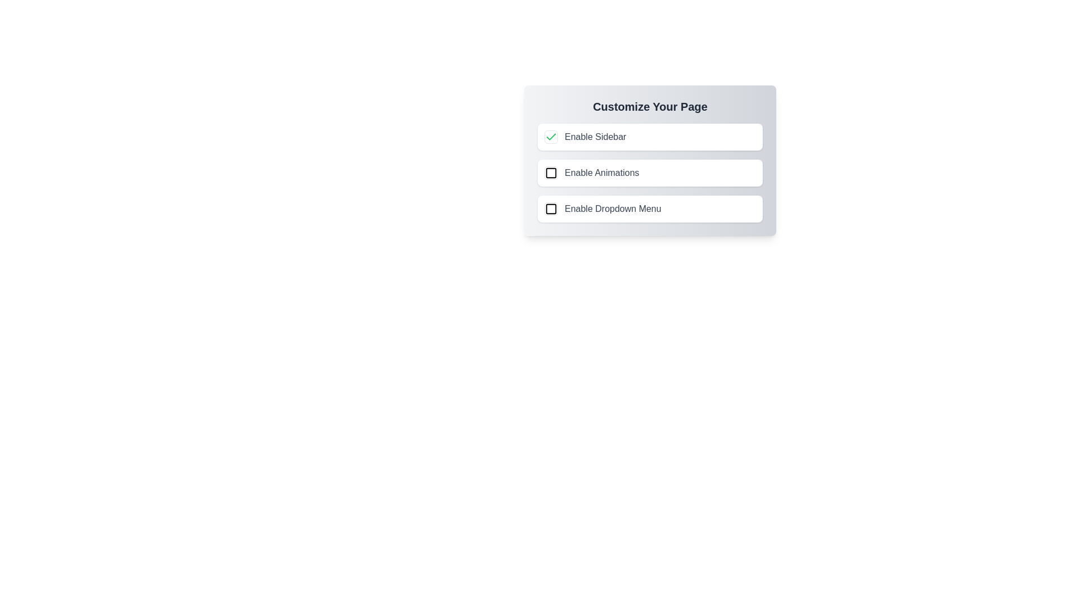 Image resolution: width=1080 pixels, height=607 pixels. Describe the element at coordinates (551, 136) in the screenshot. I see `the checkmark icon styled as an SVG vector image, which is located beside the 'Enable Sidebar' text at the top of the customization options list` at that location.